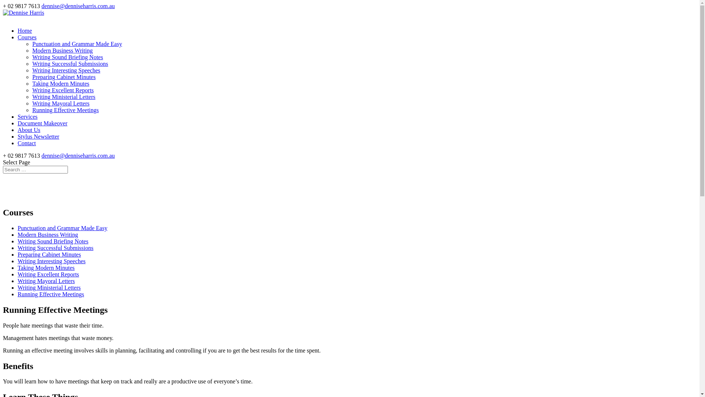 This screenshot has width=705, height=397. Describe the element at coordinates (38, 139) in the screenshot. I see `'Stylus Newsletter'` at that location.